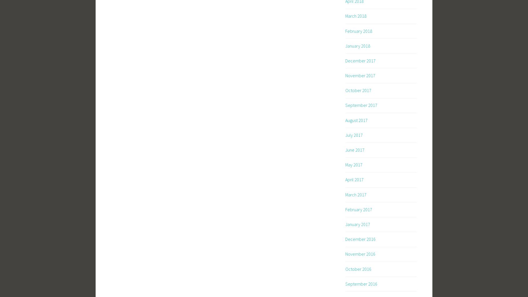 This screenshot has width=528, height=297. I want to click on 'March 2017', so click(356, 194).